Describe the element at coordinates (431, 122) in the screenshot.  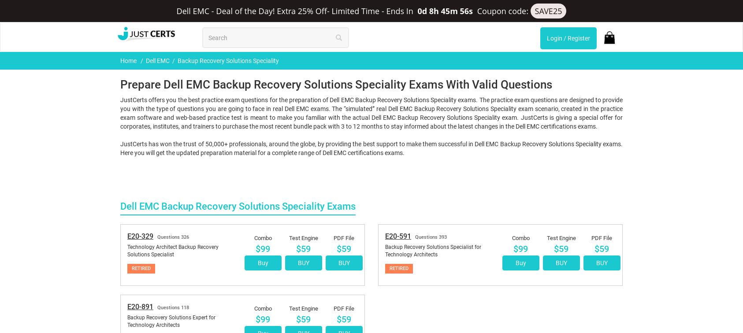
I see `'Questions 393'` at that location.